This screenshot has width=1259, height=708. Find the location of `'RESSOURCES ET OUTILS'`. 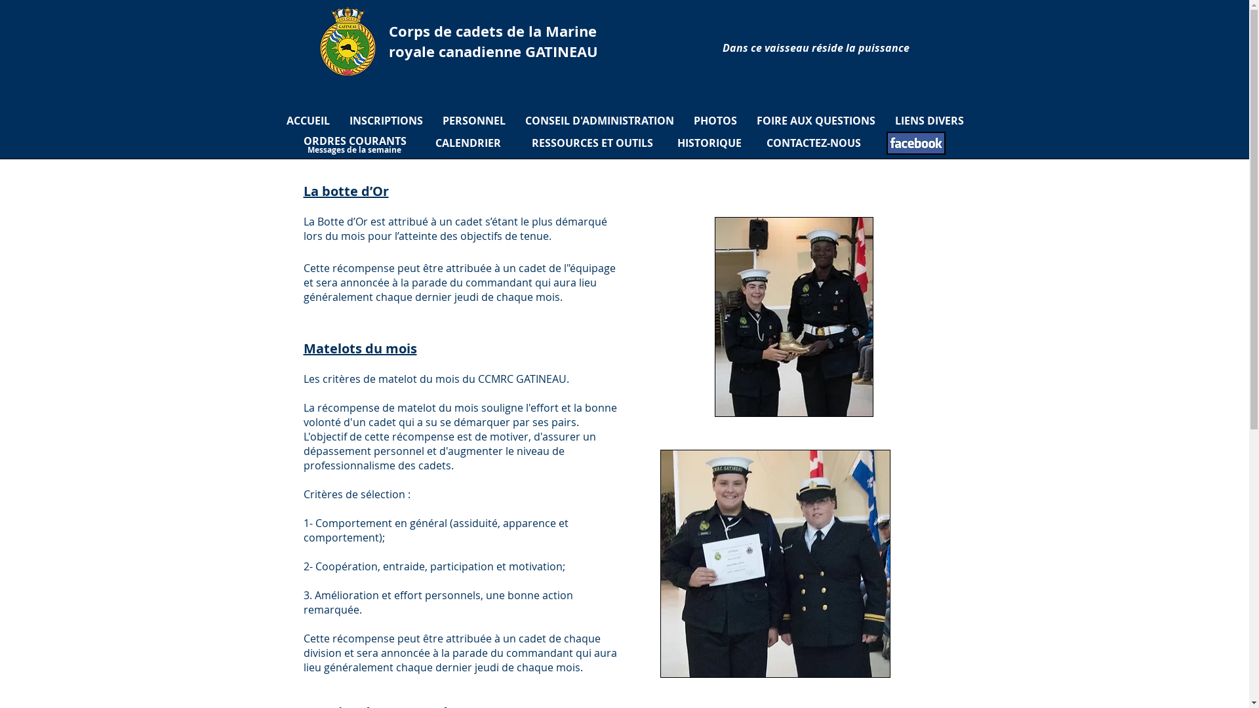

'RESSOURCES ET OUTILS' is located at coordinates (591, 143).